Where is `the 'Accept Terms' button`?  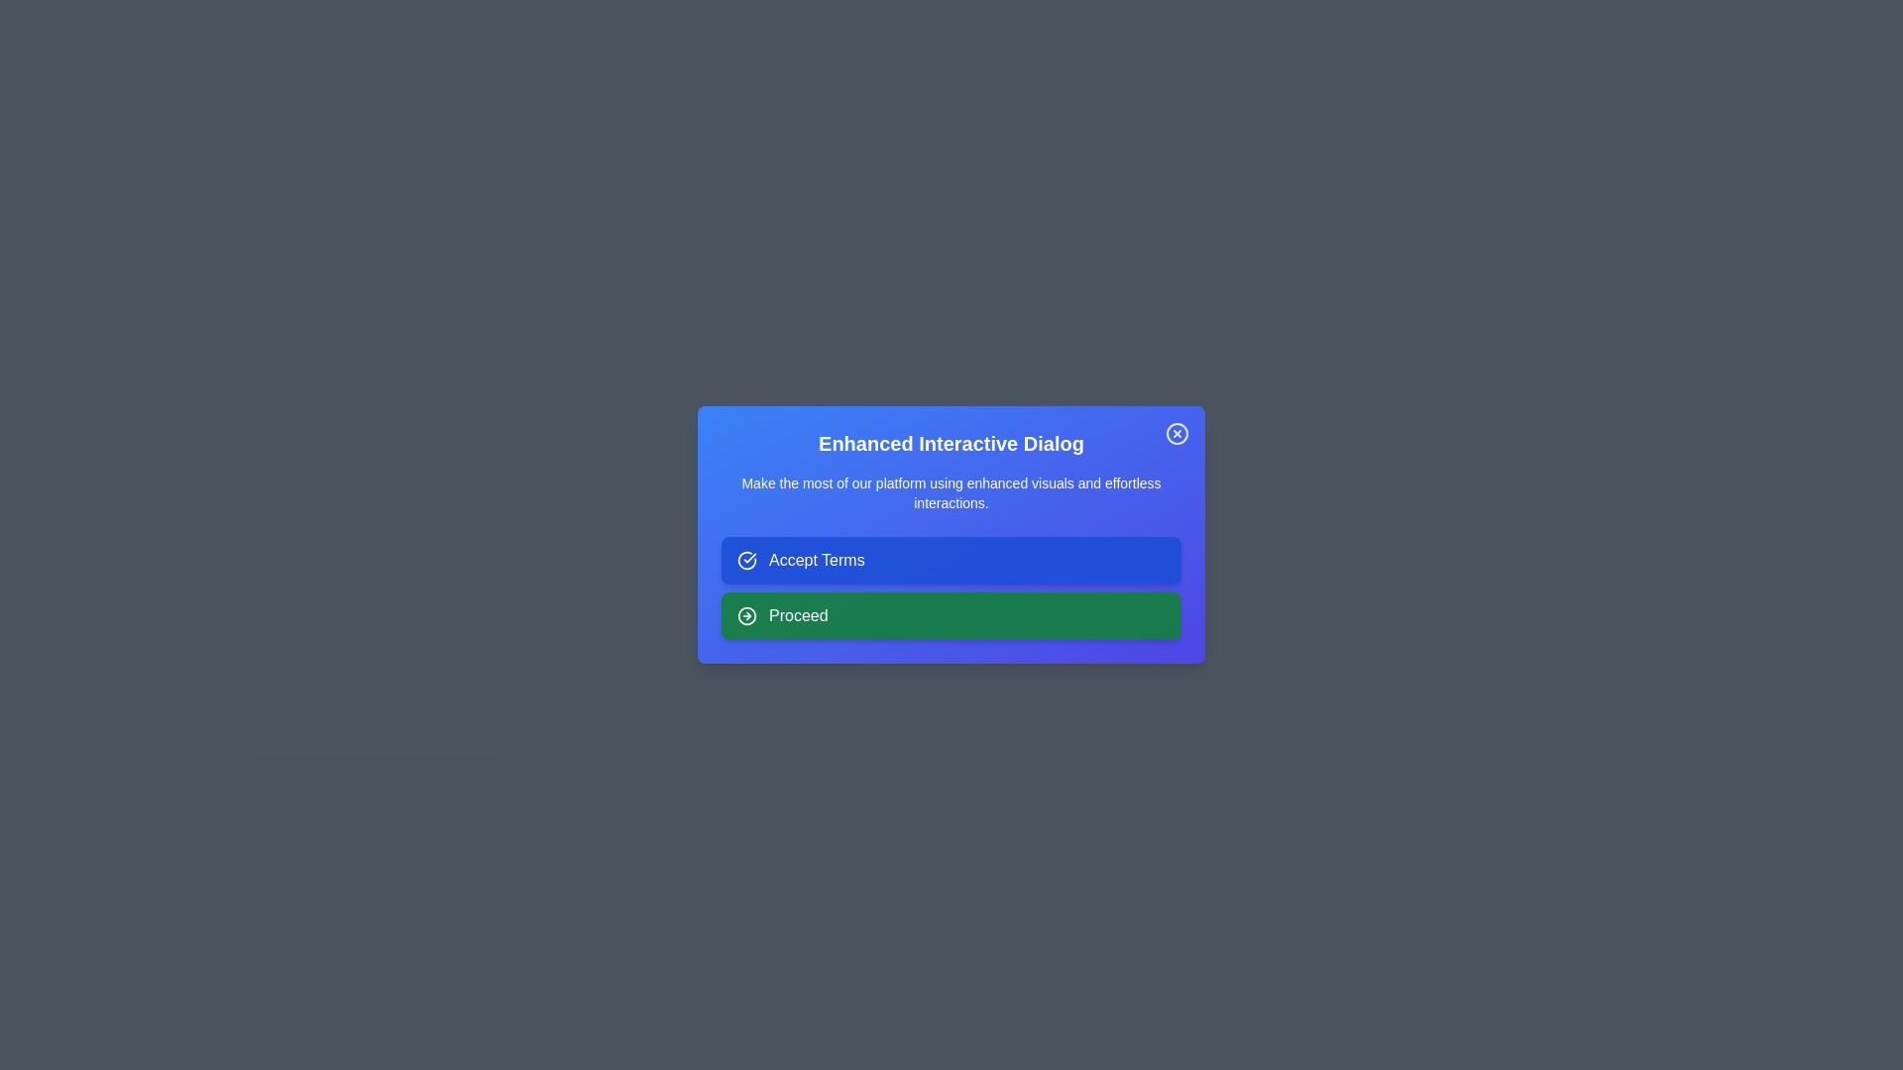
the 'Accept Terms' button is located at coordinates (951, 561).